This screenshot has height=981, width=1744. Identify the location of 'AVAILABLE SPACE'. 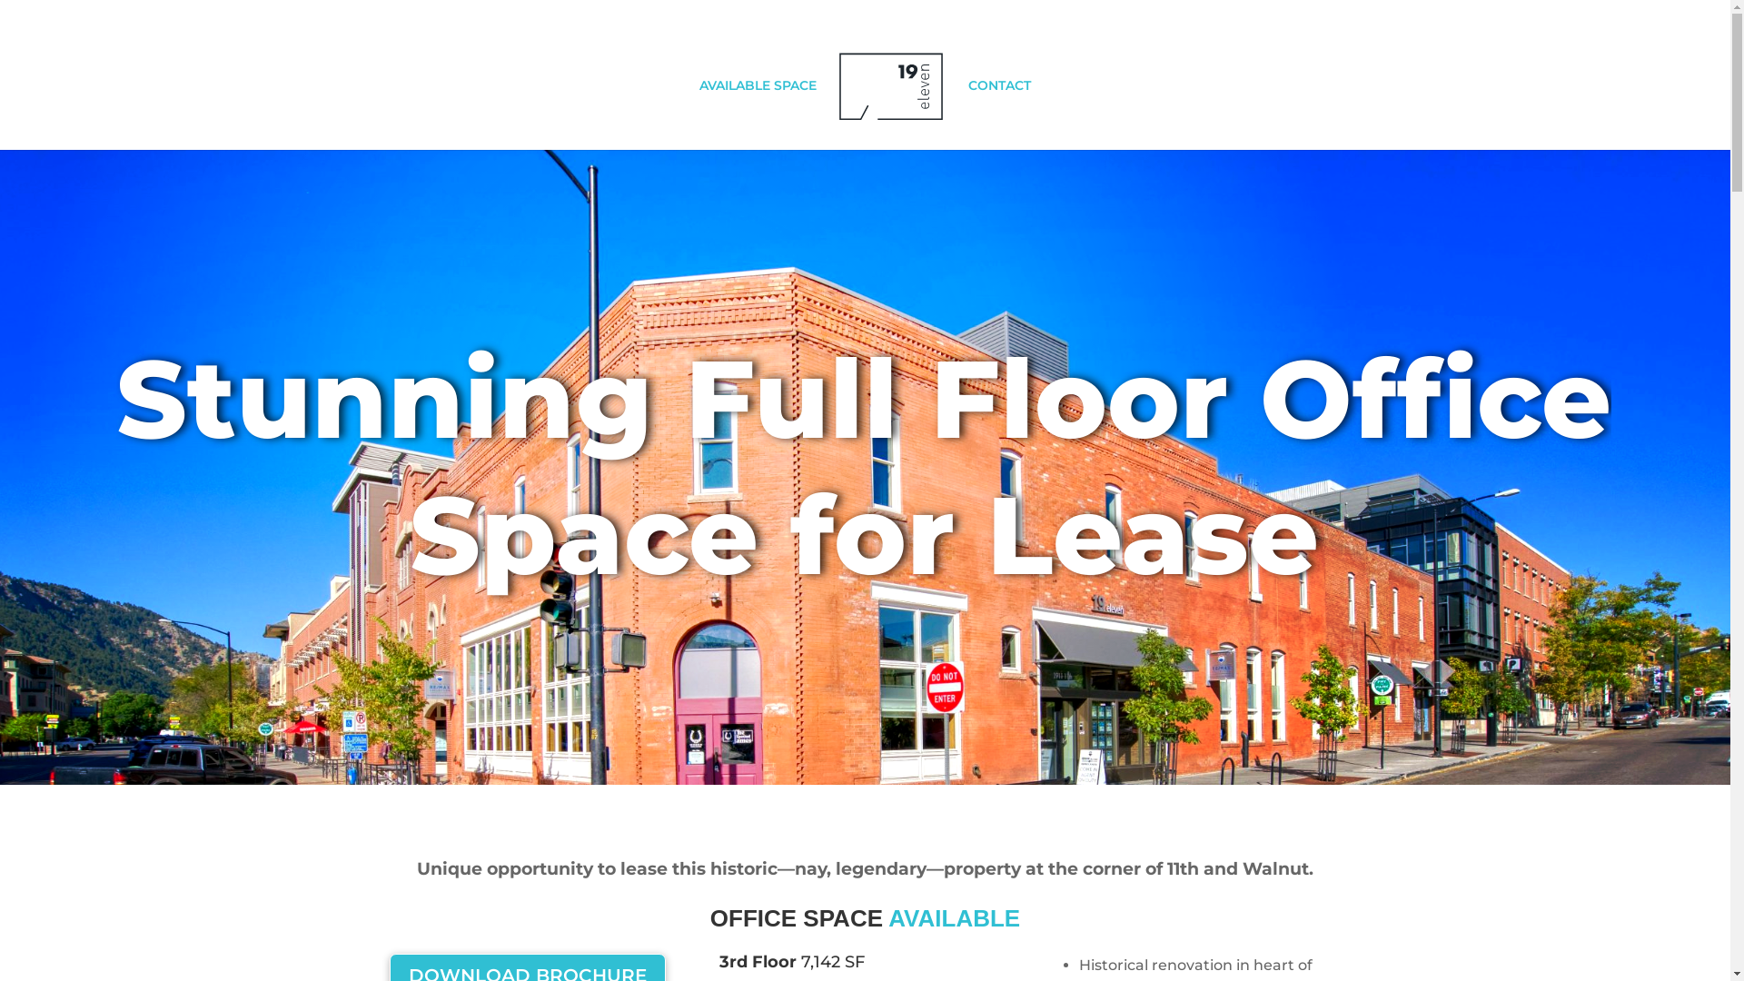
(698, 114).